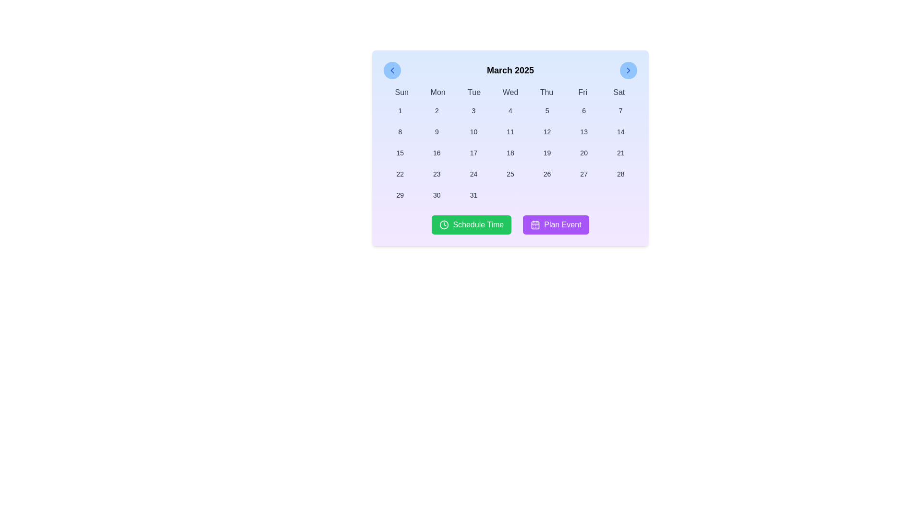 Image resolution: width=922 pixels, height=518 pixels. What do you see at coordinates (619, 92) in the screenshot?
I see `the static text label representing Saturdays, which is the last item in the horizontal group of day labels in the calendar component` at bounding box center [619, 92].